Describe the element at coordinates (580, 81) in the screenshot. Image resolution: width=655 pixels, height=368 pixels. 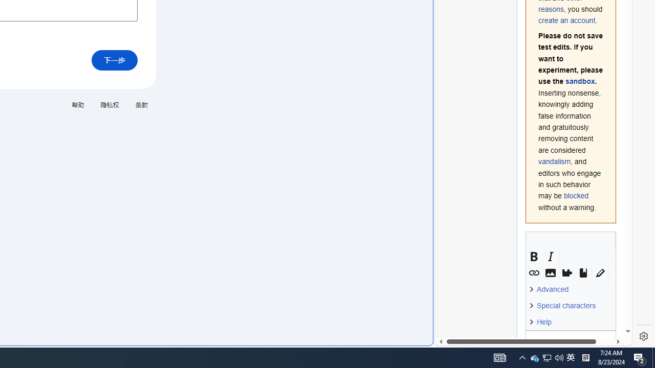
I see `'sandbox'` at that location.